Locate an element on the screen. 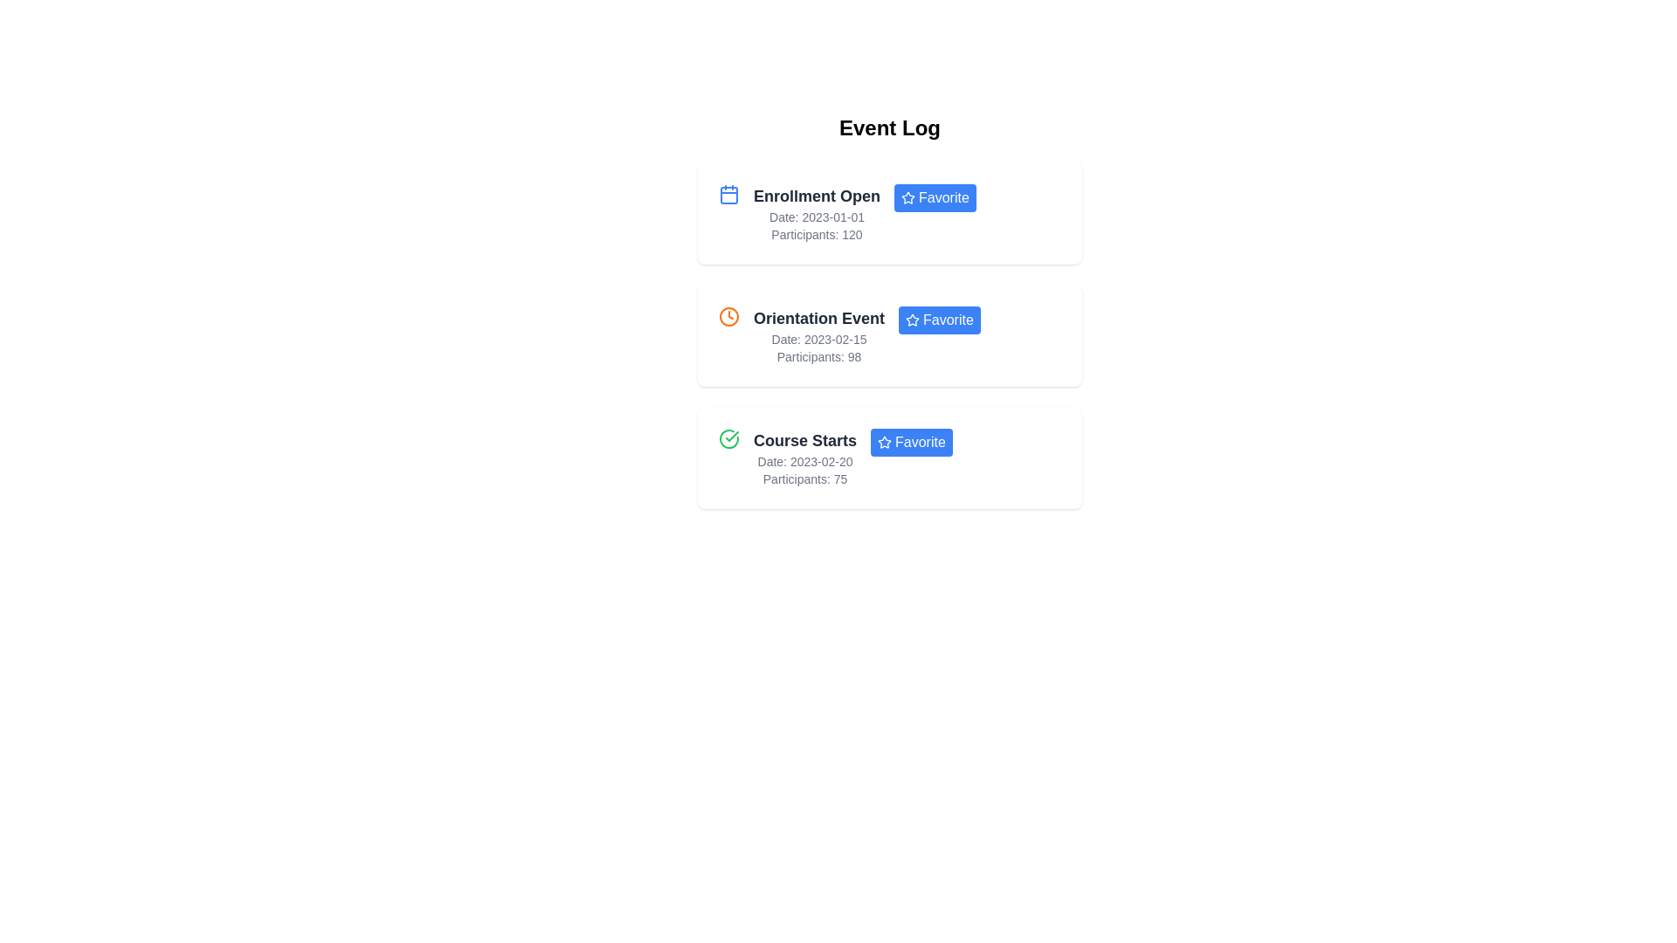  the star icon embedded within the 'Favorite' button of the 'Orientation Event' card to favorite or unfavorite the event is located at coordinates (912, 320).